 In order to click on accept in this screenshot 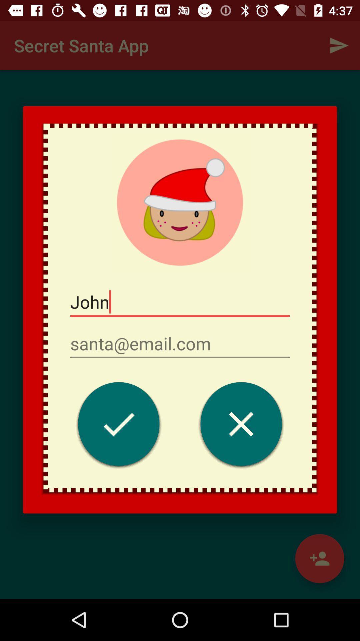, I will do `click(118, 425)`.